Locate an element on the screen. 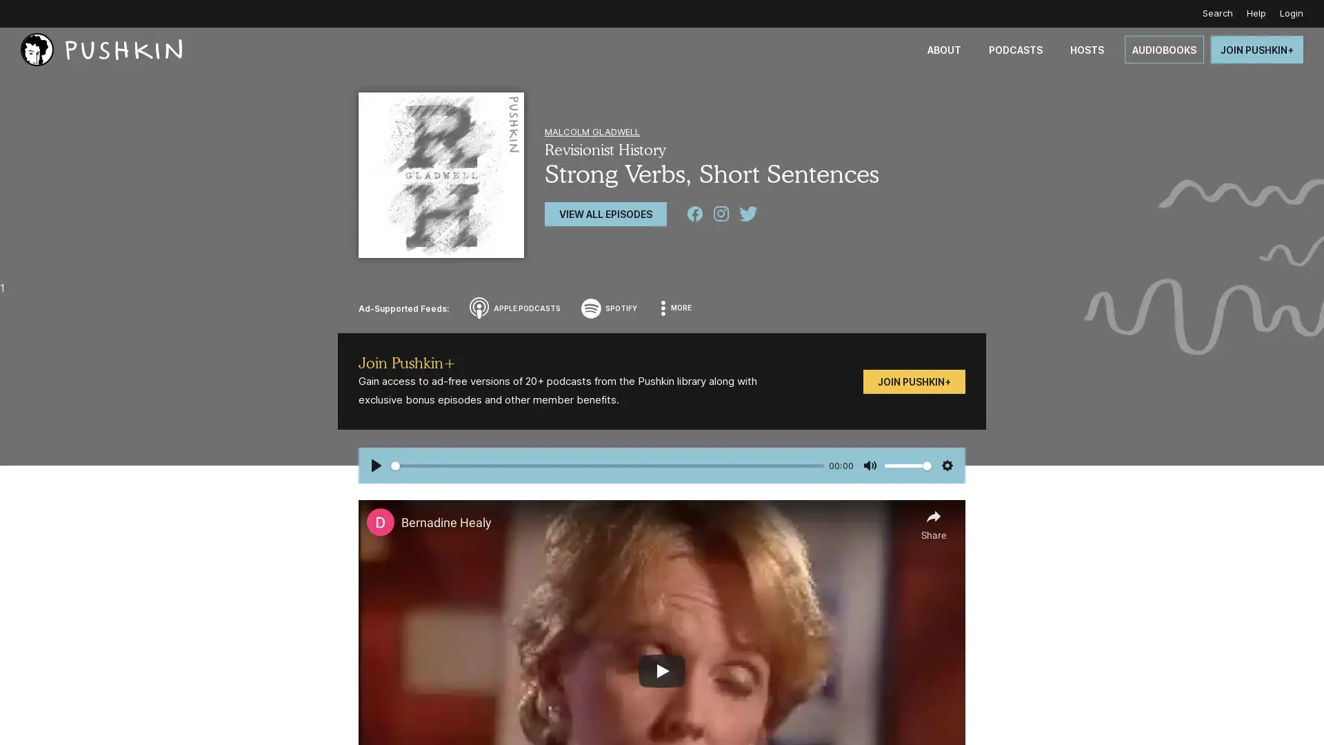 The image size is (1324, 745). Skip to Main Content is located at coordinates (14, 14).